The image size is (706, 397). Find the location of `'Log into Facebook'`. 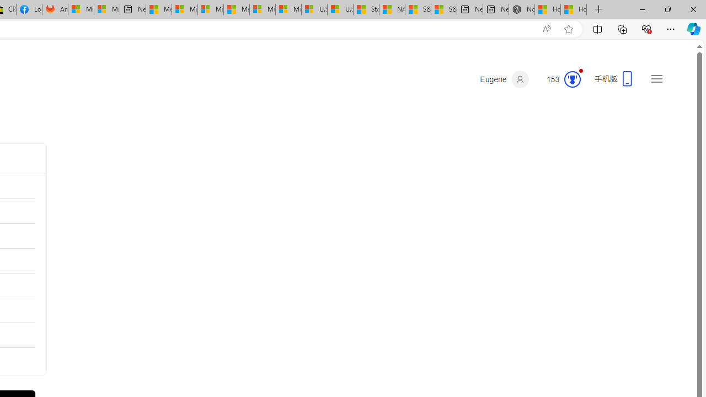

'Log into Facebook' is located at coordinates (29, 9).